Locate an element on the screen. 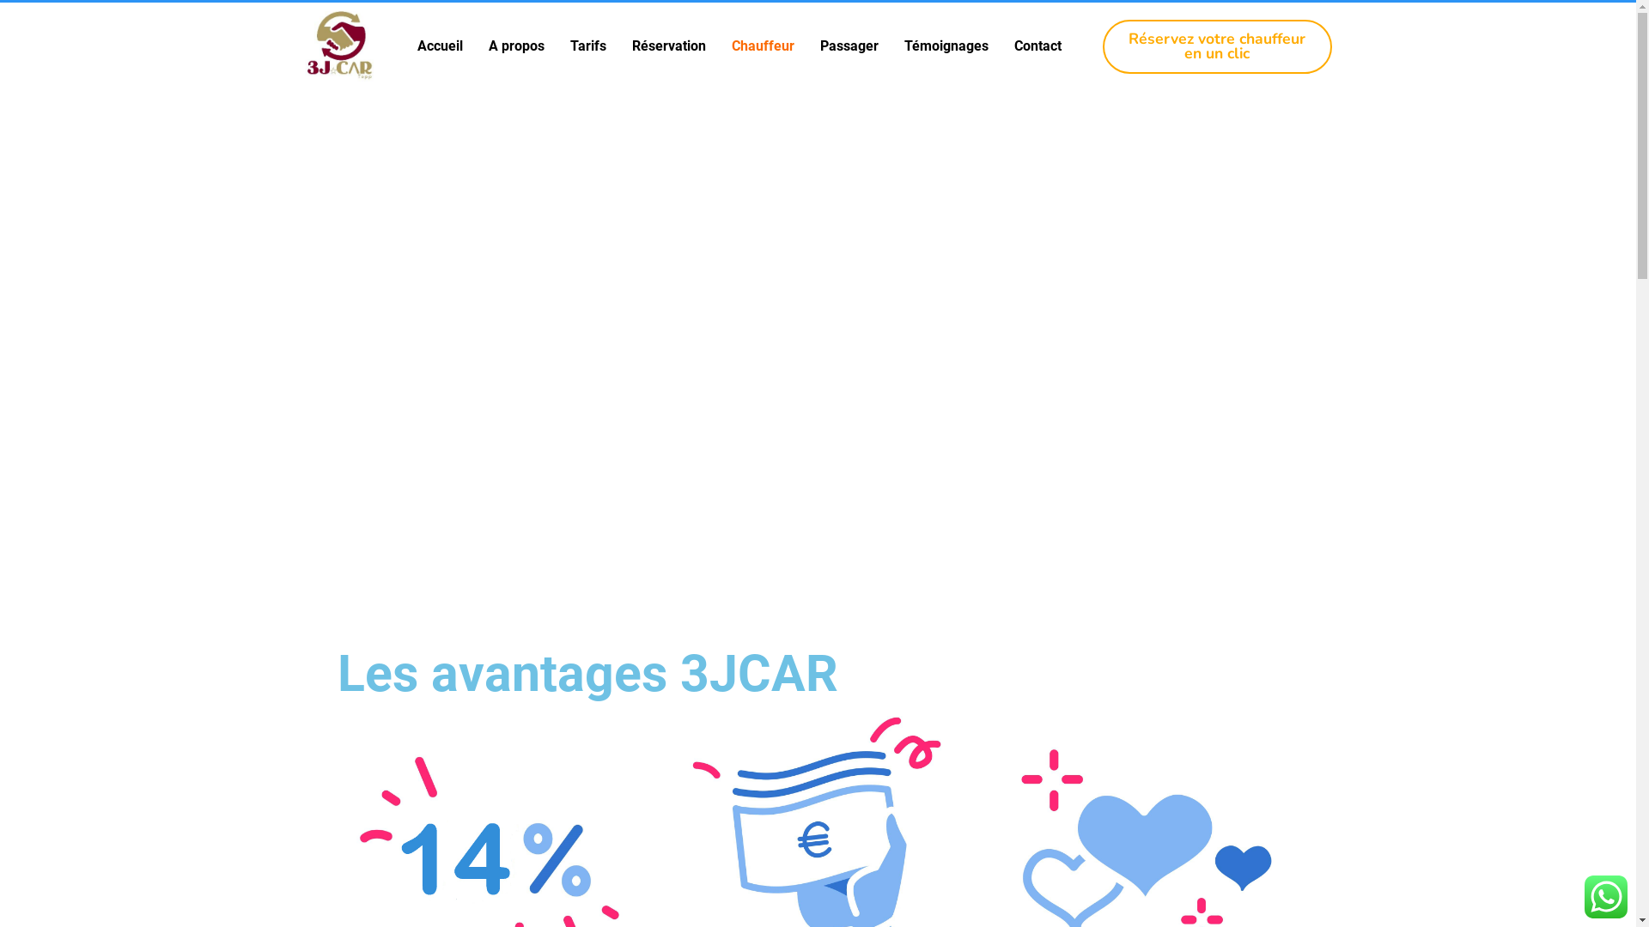  'Chauffeur' is located at coordinates (762, 45).